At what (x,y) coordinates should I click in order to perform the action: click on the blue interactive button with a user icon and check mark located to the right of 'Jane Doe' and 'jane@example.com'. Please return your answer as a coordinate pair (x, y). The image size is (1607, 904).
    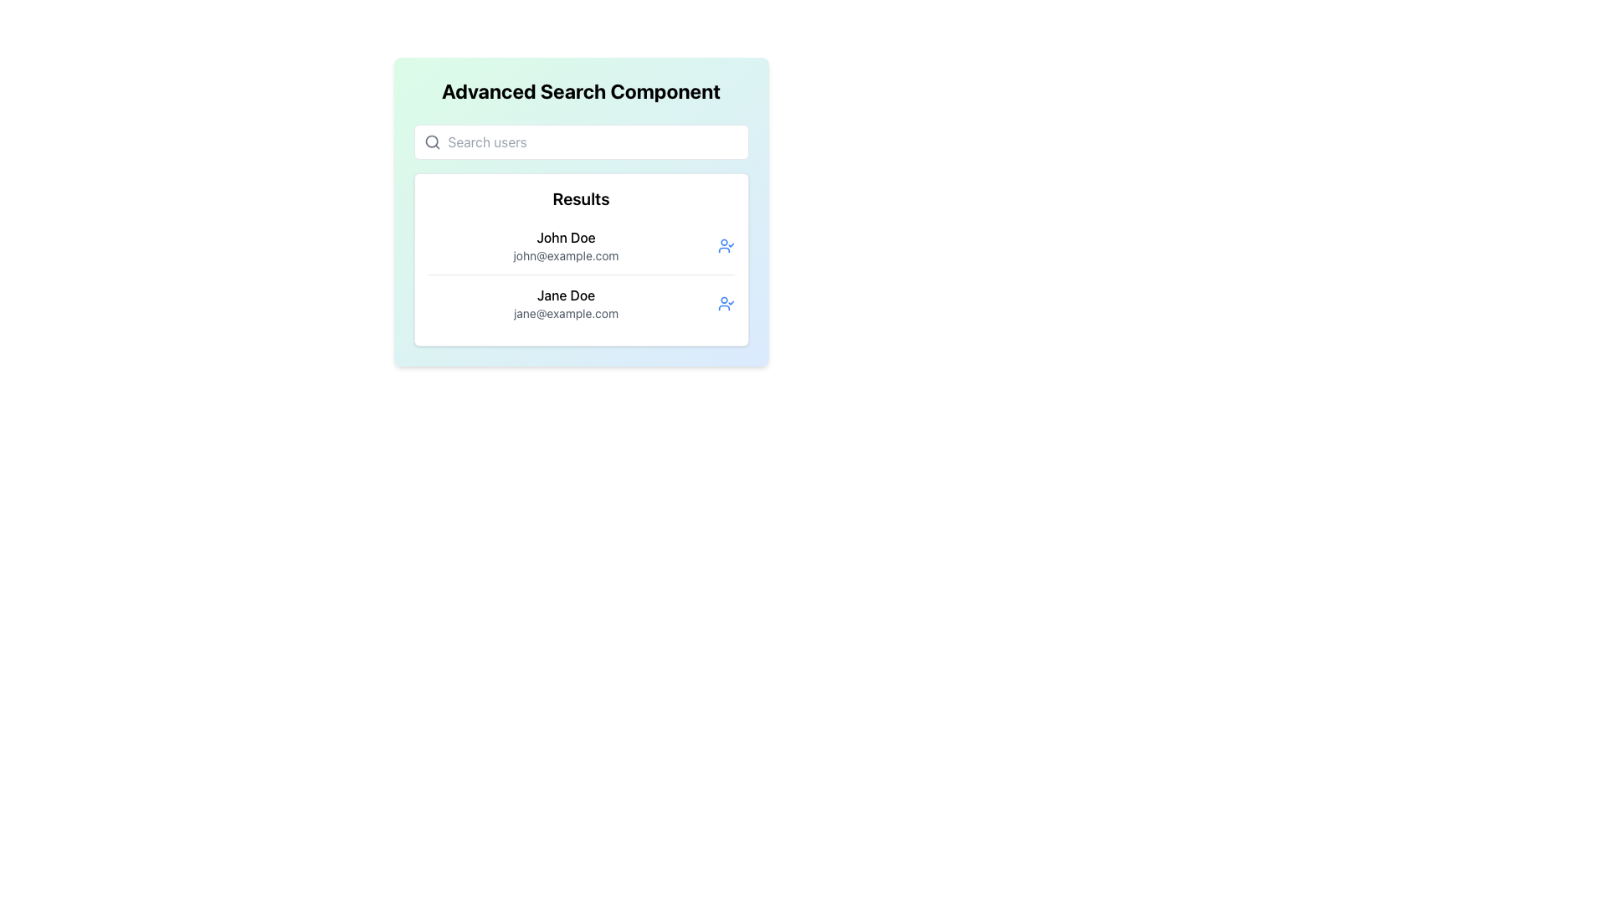
    Looking at the image, I should click on (726, 303).